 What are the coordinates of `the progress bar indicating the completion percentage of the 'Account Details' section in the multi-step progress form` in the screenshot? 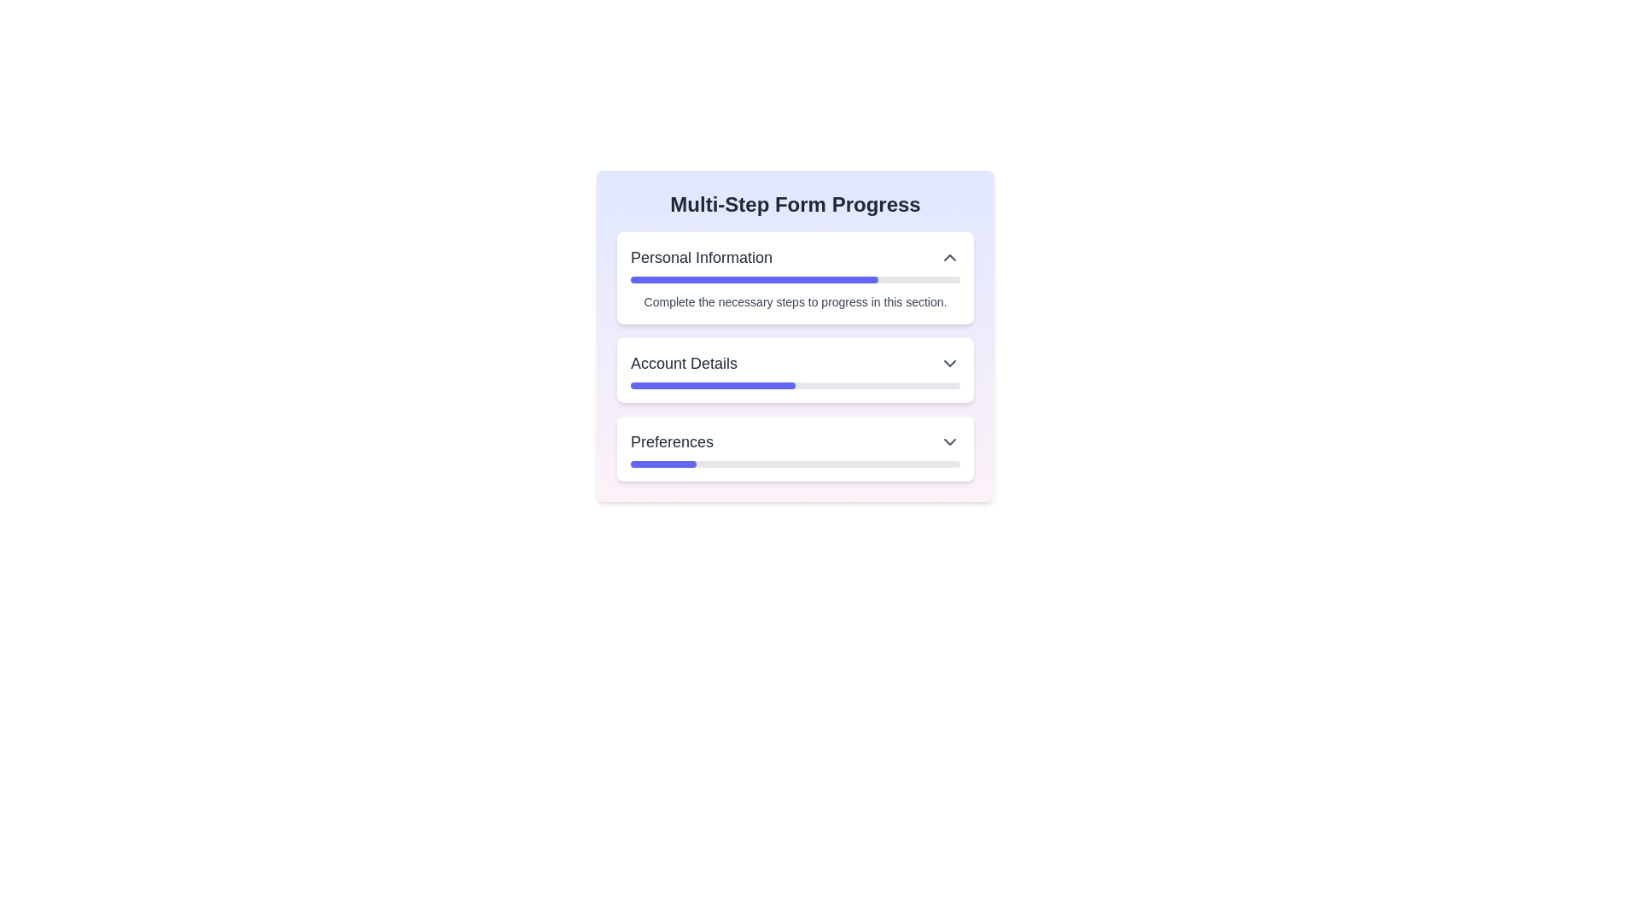 It's located at (713, 385).